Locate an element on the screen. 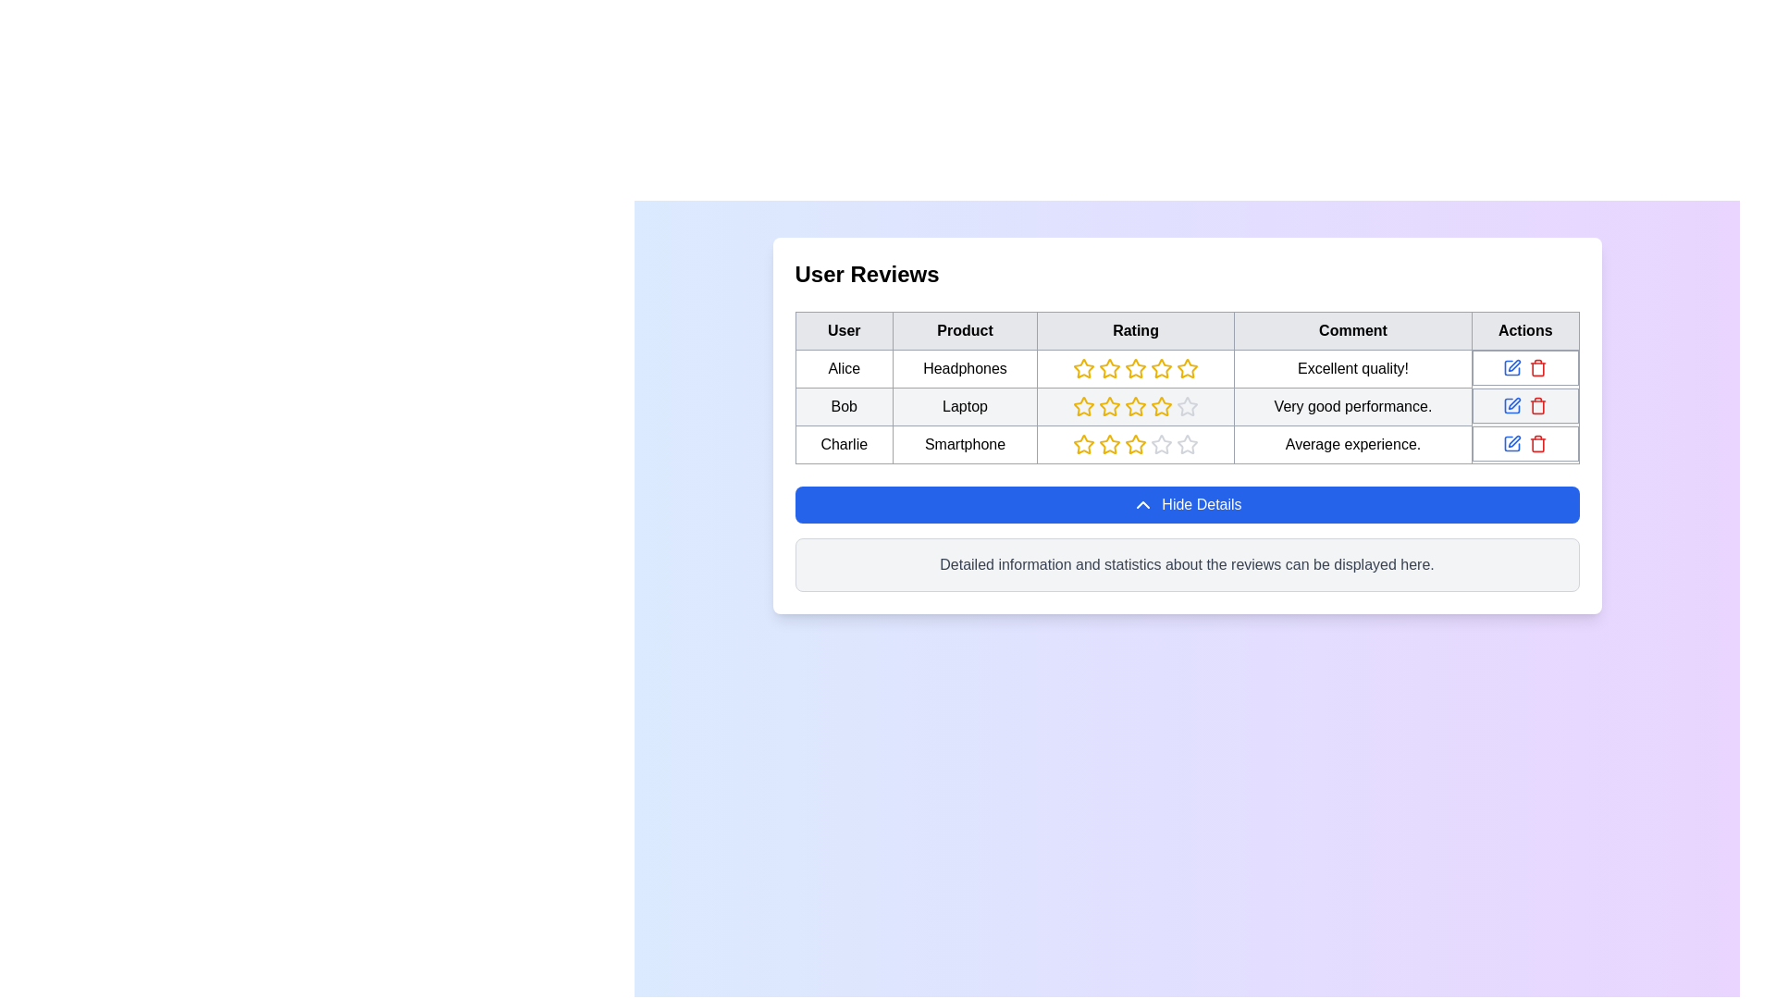 This screenshot has height=999, width=1776. the first star in the rating feature for the product 'Headphones' corresponding to 'Alice' to interact or change the rating is located at coordinates (1083, 368).